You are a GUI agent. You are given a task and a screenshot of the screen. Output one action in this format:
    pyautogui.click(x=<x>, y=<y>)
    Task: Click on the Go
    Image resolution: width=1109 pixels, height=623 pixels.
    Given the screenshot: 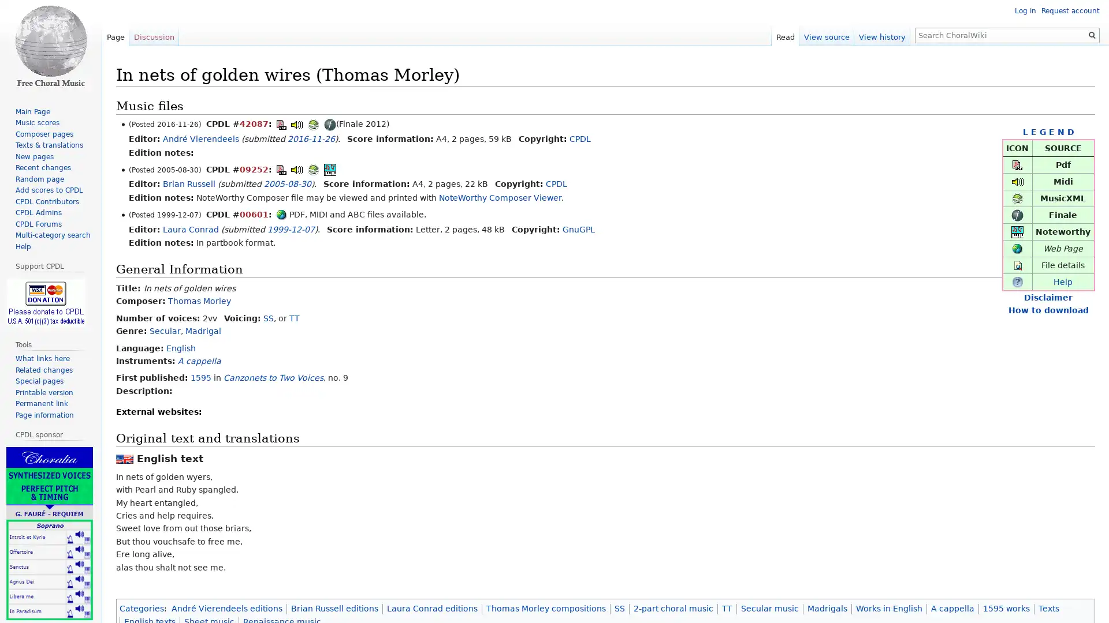 What is the action you would take?
    pyautogui.click(x=1092, y=35)
    